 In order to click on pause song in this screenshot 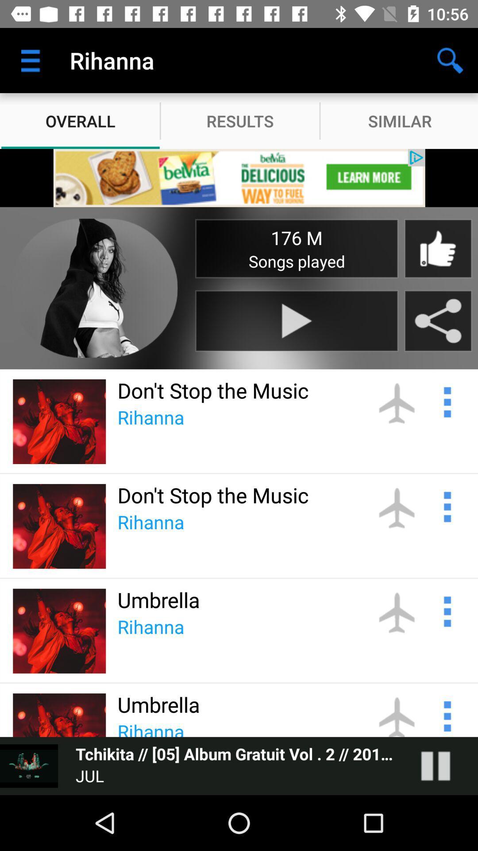, I will do `click(444, 765)`.